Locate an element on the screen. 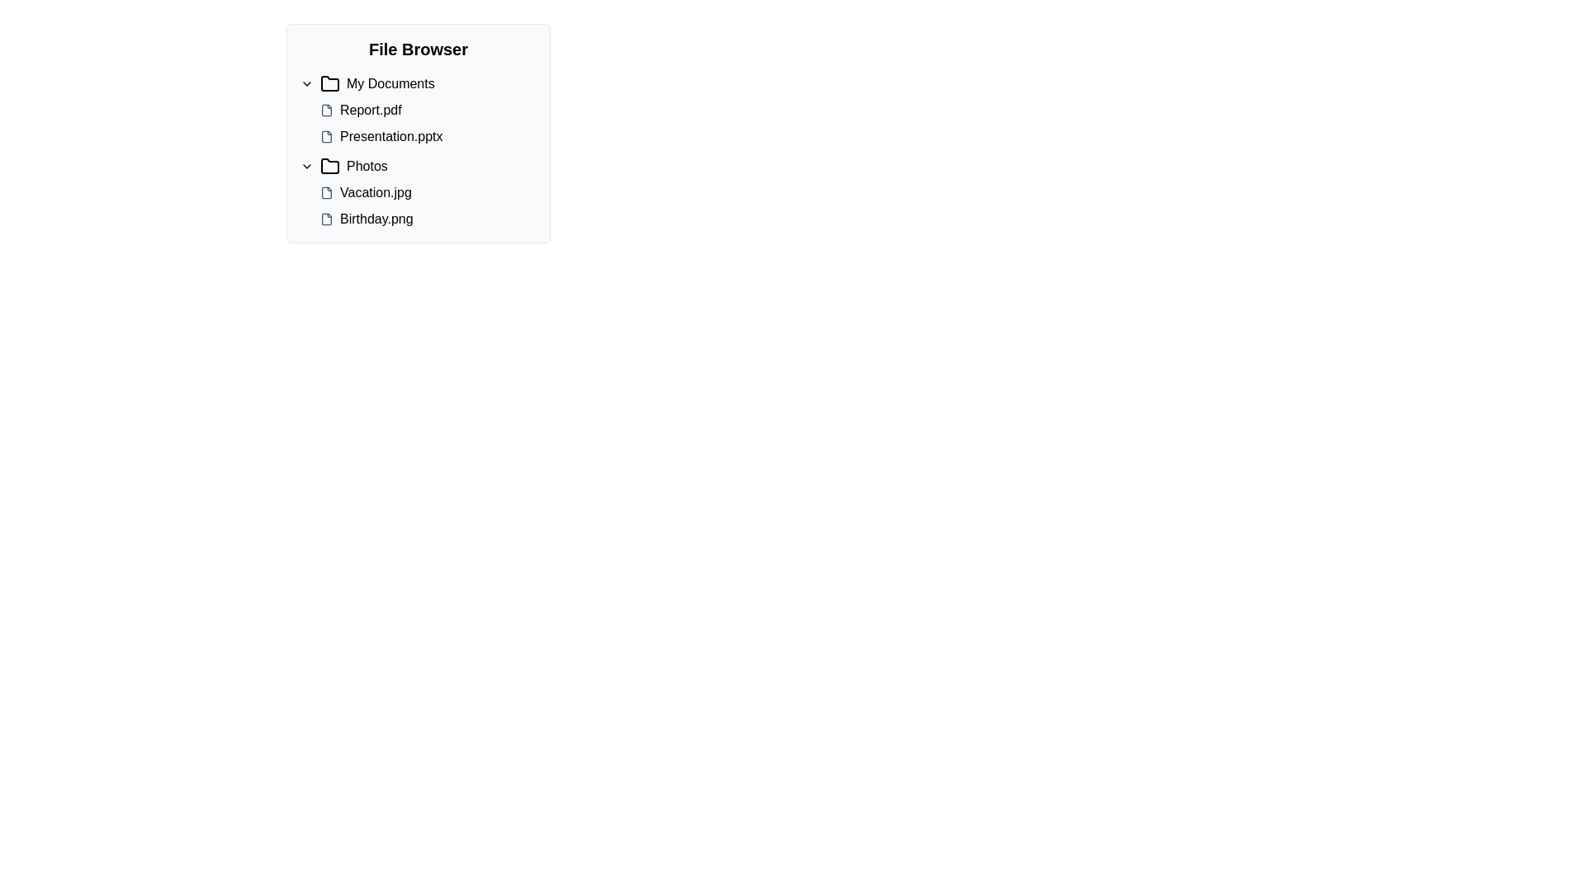  the 'Photos' text label element located next to the folder icon in the second collapsible section of the file browser interface is located at coordinates (366, 166).